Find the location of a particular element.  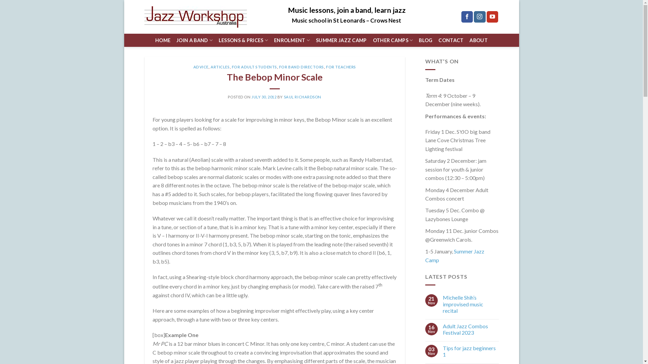

'BLOG' is located at coordinates (425, 40).